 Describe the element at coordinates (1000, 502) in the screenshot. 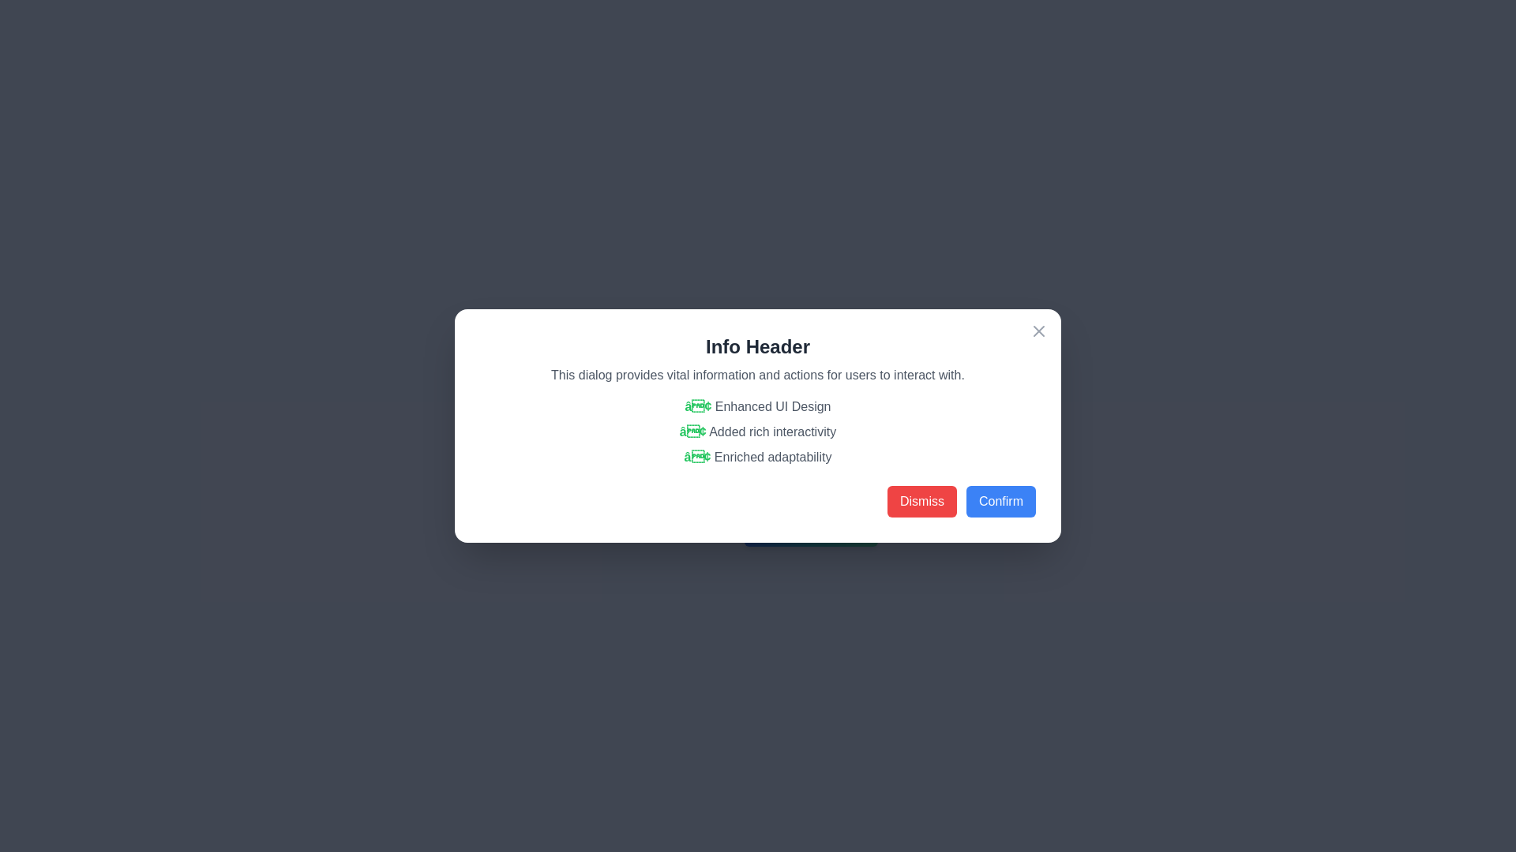

I see `the confirm button located at the bottom-right corner of the dialog box, which is the second button from the left adjacent to the 'Dismiss' button, to confirm an action` at that location.